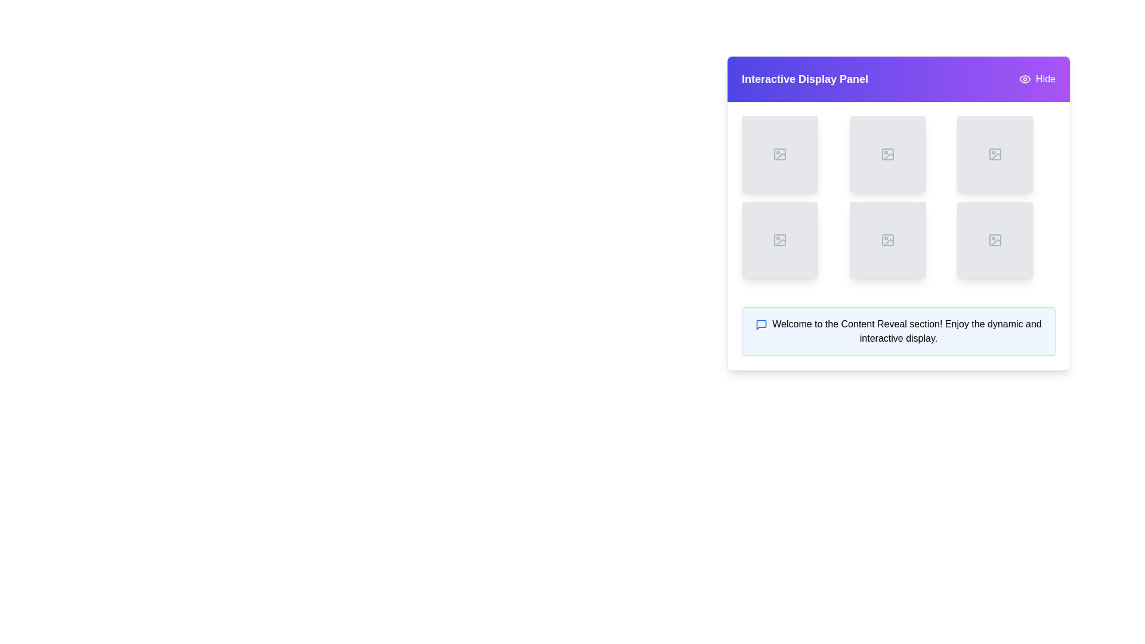 This screenshot has width=1145, height=644. I want to click on the eye-shaped icon located in the top-right corner of the interface, just, so click(1024, 79).